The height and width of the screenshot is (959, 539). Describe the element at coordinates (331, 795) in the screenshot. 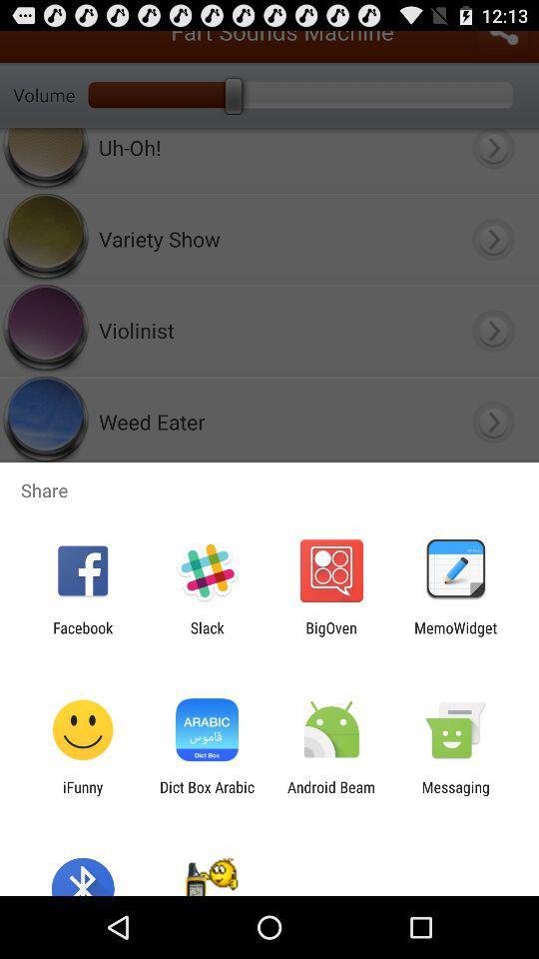

I see `the icon next to messaging app` at that location.